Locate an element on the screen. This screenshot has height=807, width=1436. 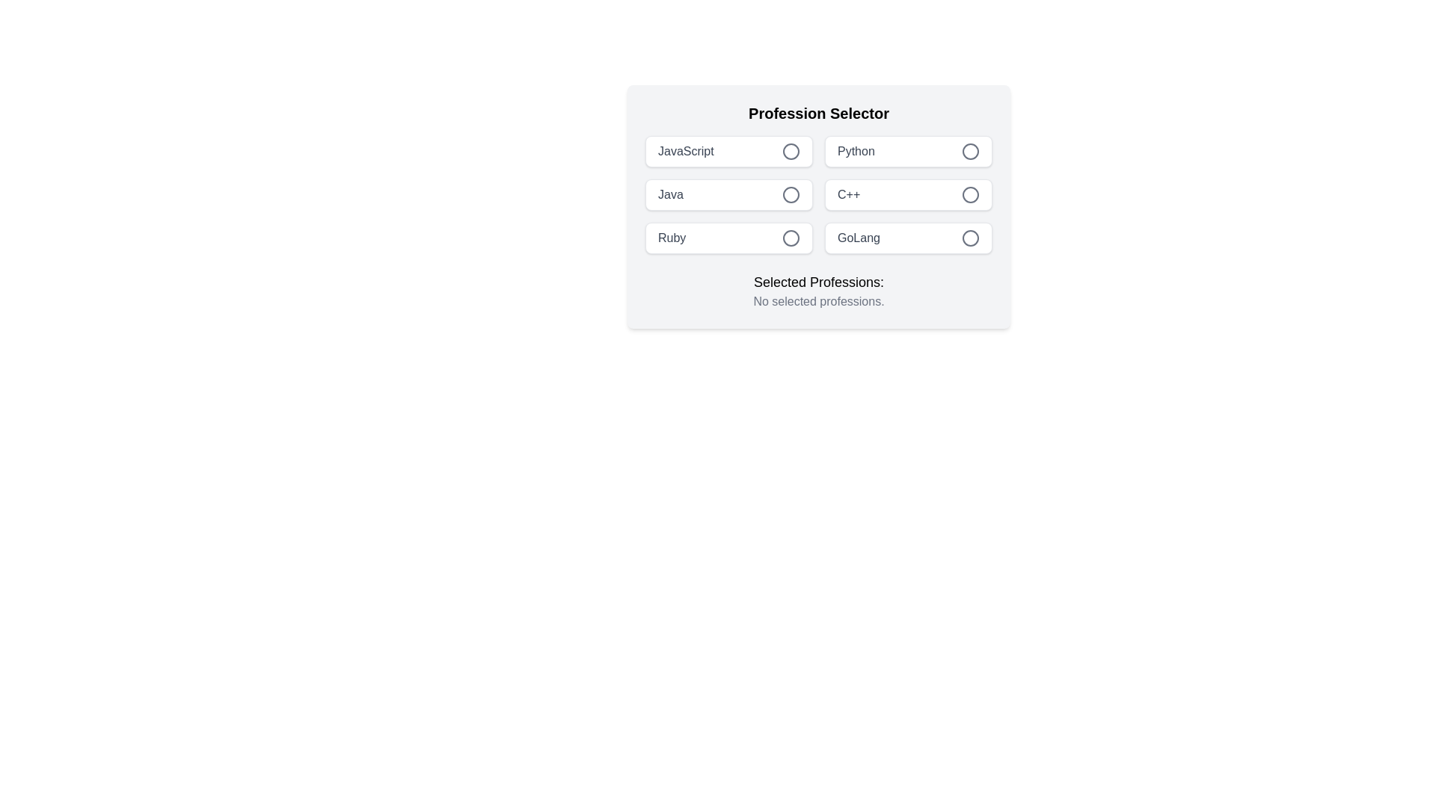
the selectable option labeled 'JavaScript' in the upper-left corner of the grid is located at coordinates (728, 152).